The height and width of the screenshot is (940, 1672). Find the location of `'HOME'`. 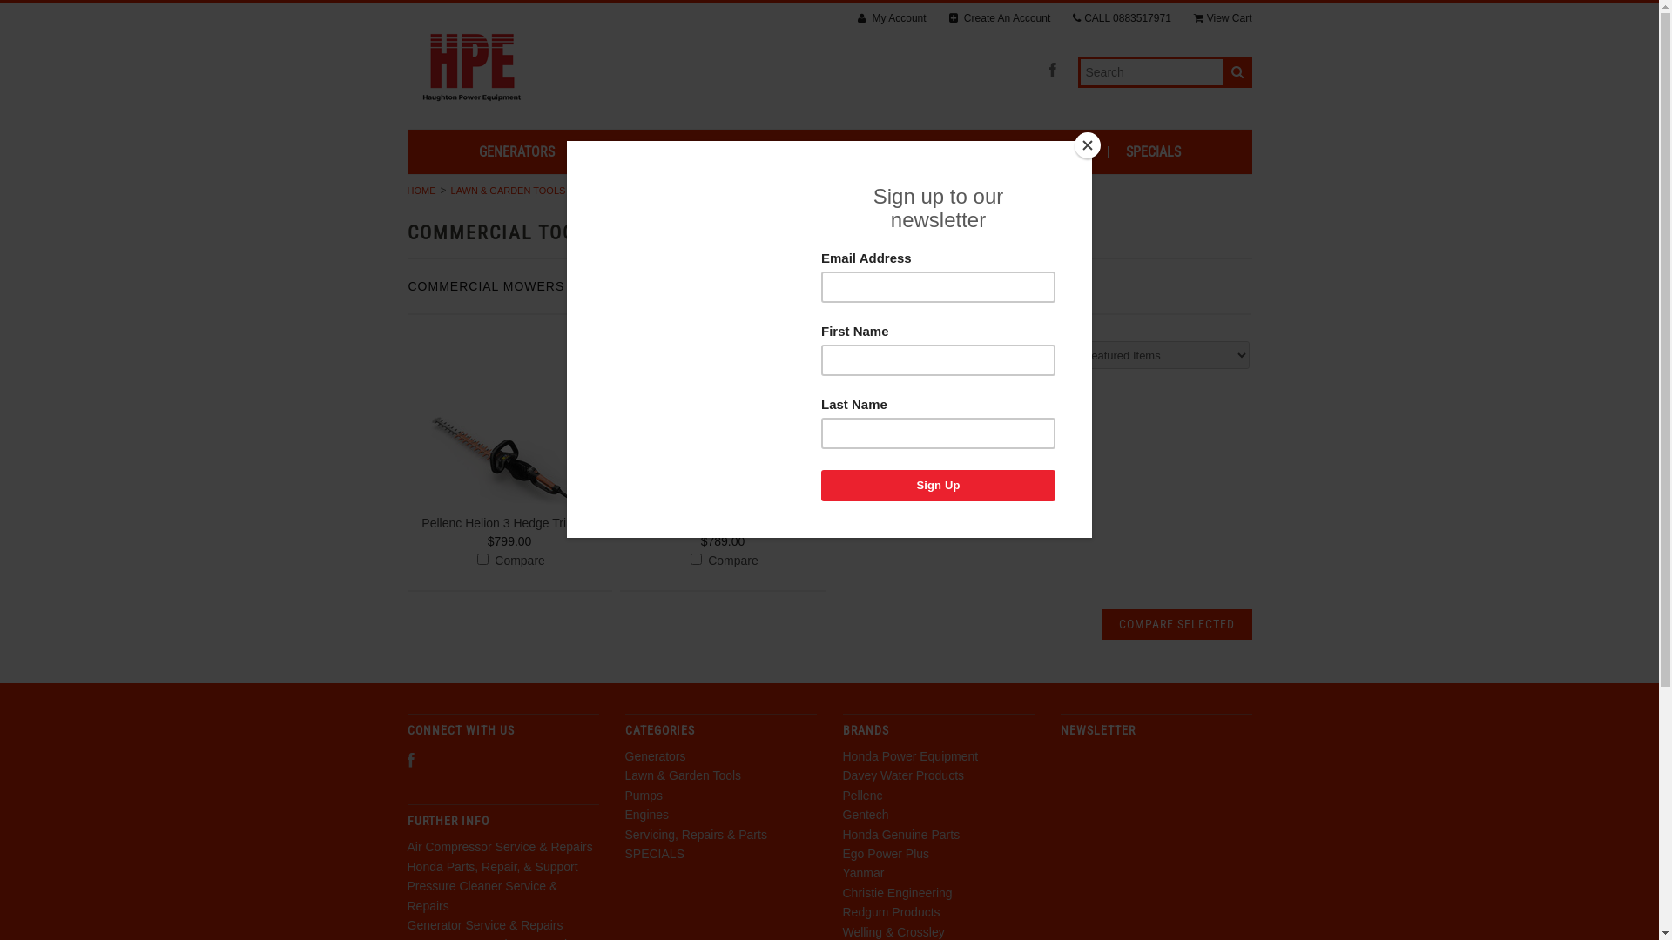

'HOME' is located at coordinates (421, 191).